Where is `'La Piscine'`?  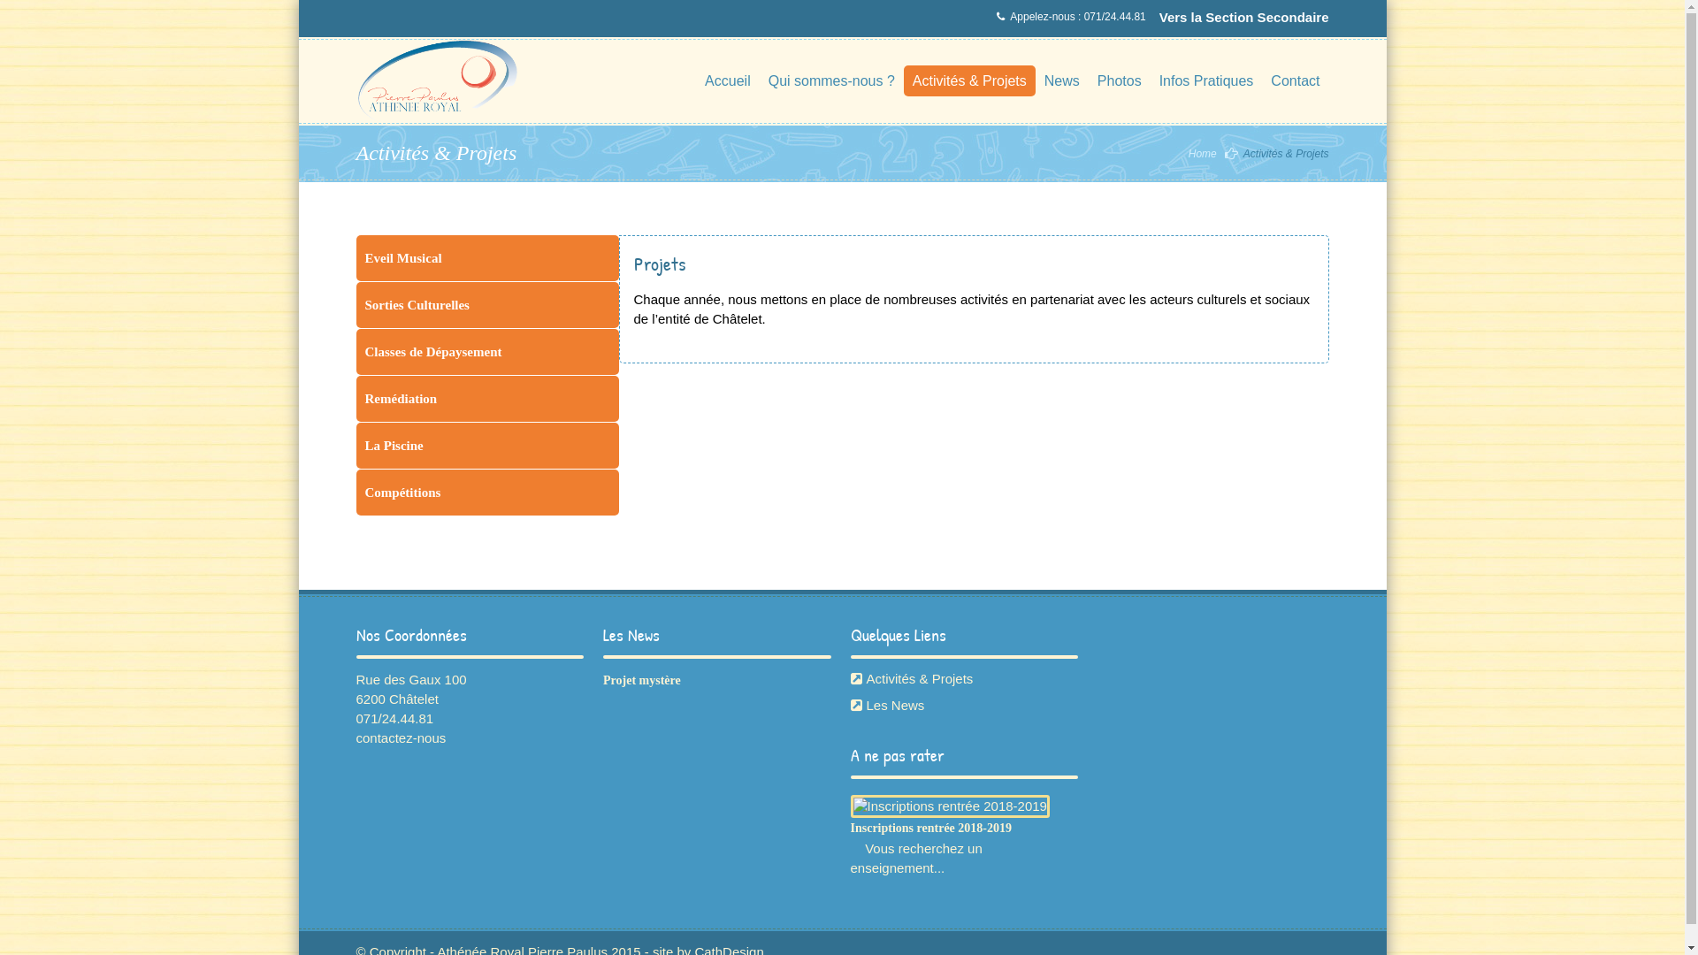 'La Piscine' is located at coordinates (486, 445).